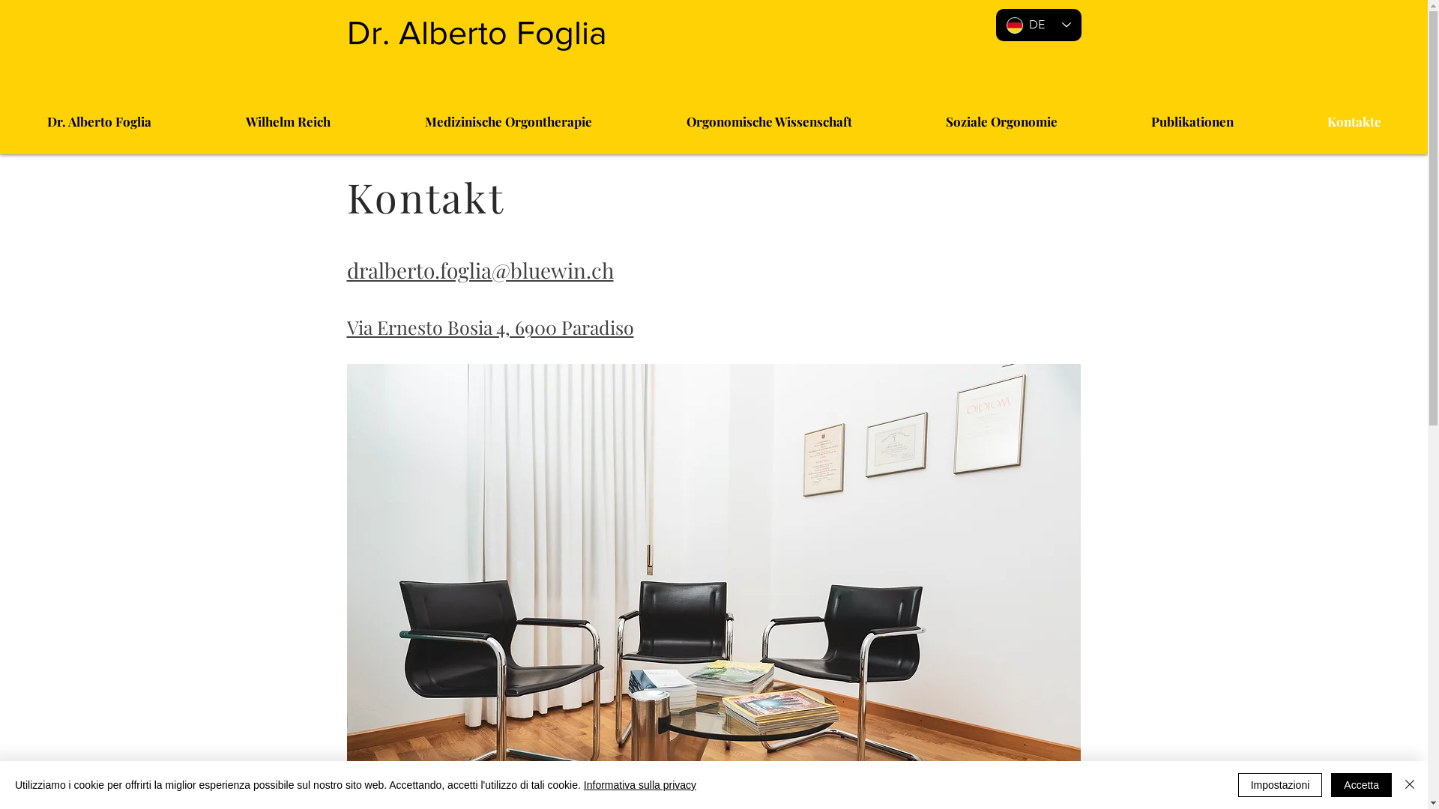  Describe the element at coordinates (478, 271) in the screenshot. I see `'dralberto.foglia@bluewin.ch'` at that location.